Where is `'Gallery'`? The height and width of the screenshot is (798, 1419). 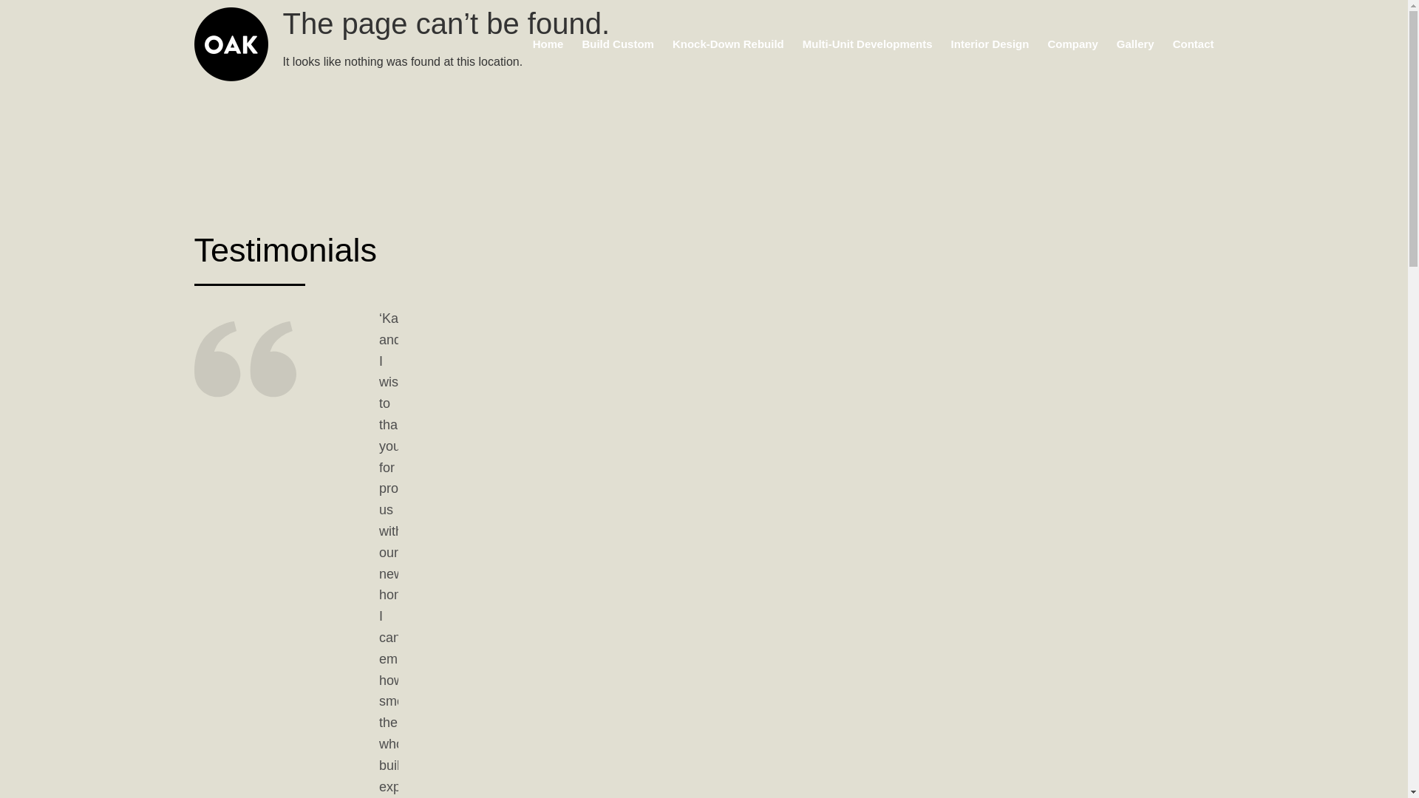
'Gallery' is located at coordinates (1134, 44).